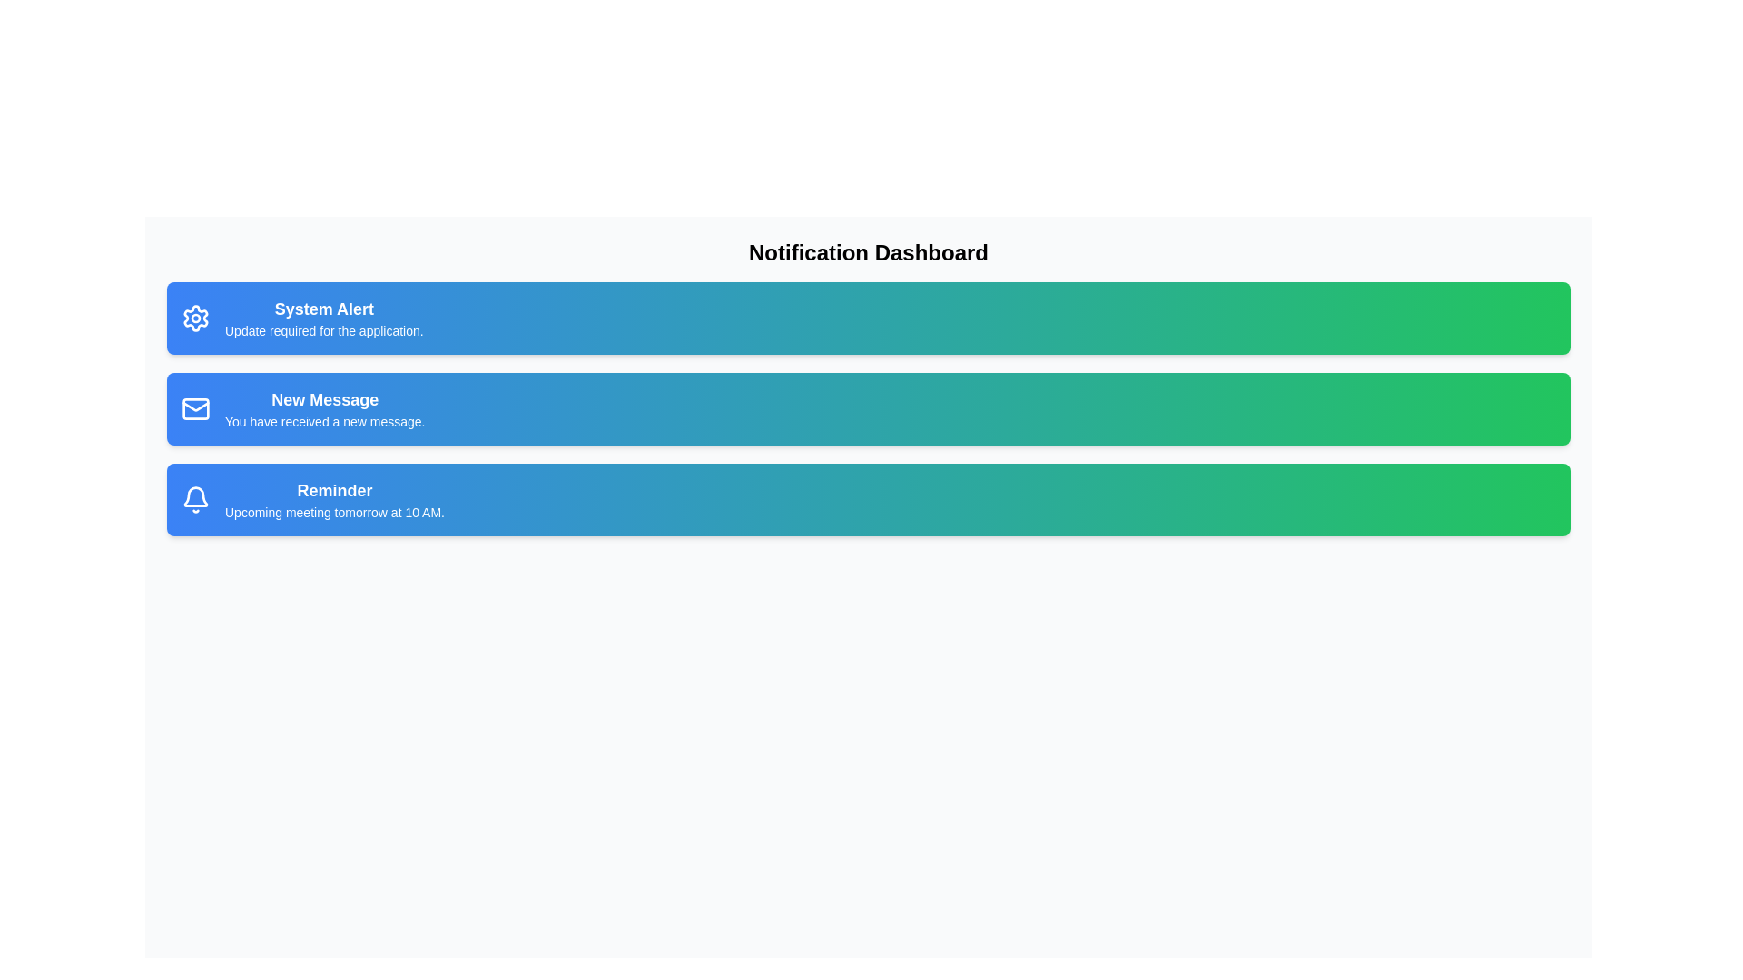 Image resolution: width=1743 pixels, height=980 pixels. Describe the element at coordinates (867, 409) in the screenshot. I see `the notification card corresponding to New Message` at that location.